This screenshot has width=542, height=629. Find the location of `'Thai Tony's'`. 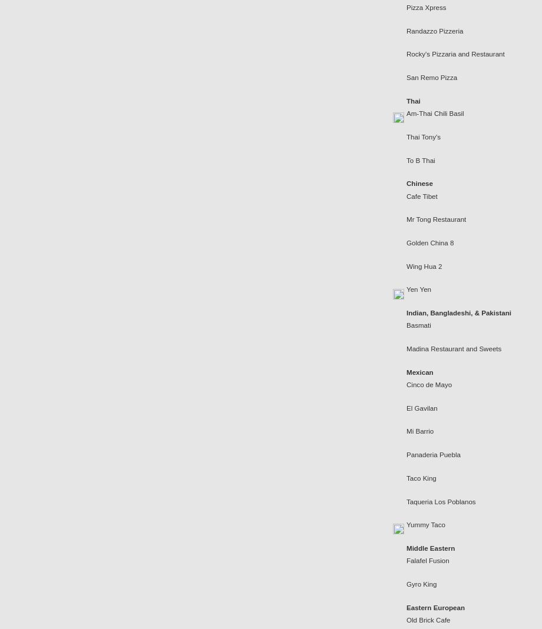

'Thai Tony's' is located at coordinates (423, 135).